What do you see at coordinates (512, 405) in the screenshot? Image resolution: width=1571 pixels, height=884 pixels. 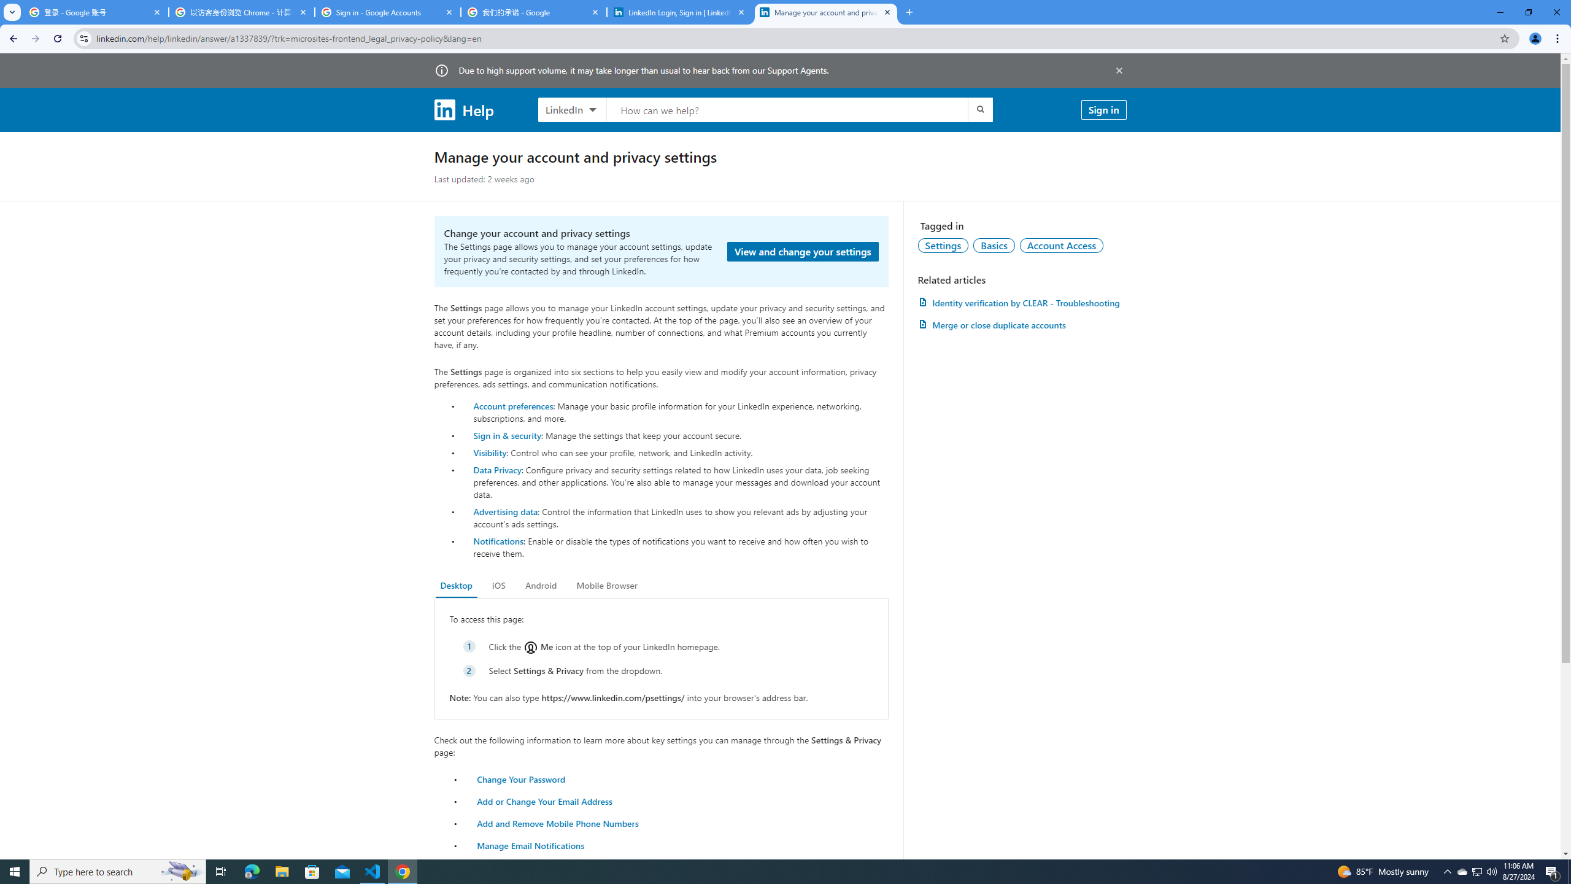 I see `'Account preferences'` at bounding box center [512, 405].